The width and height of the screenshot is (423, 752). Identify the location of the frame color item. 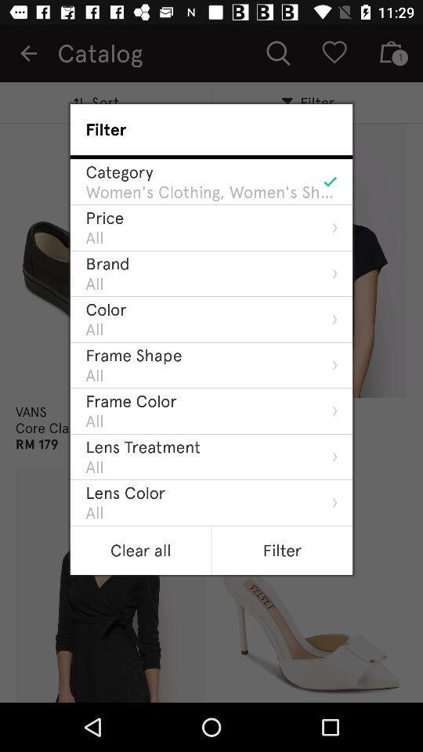
(130, 400).